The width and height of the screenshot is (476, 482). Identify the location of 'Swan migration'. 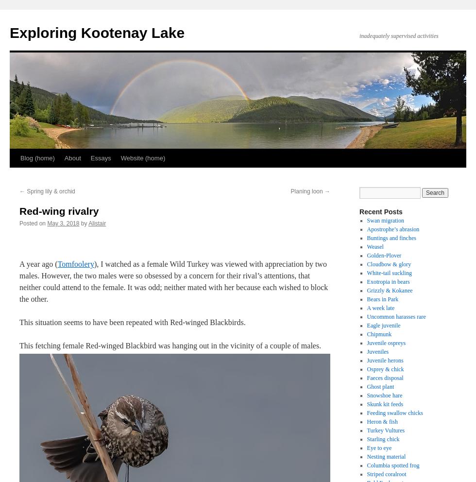
(385, 220).